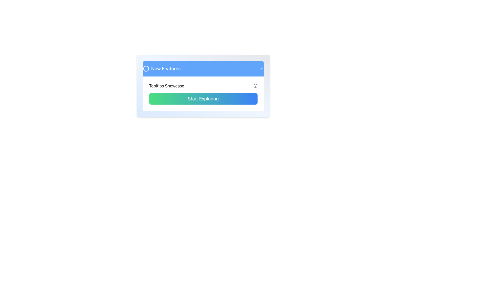 Image resolution: width=500 pixels, height=281 pixels. What do you see at coordinates (166, 68) in the screenshot?
I see `the 'New Features' text label, which is displayed in a blue area with larger, bold text, located to the right of an information icon and above 'Tooltips Showcase'` at bounding box center [166, 68].